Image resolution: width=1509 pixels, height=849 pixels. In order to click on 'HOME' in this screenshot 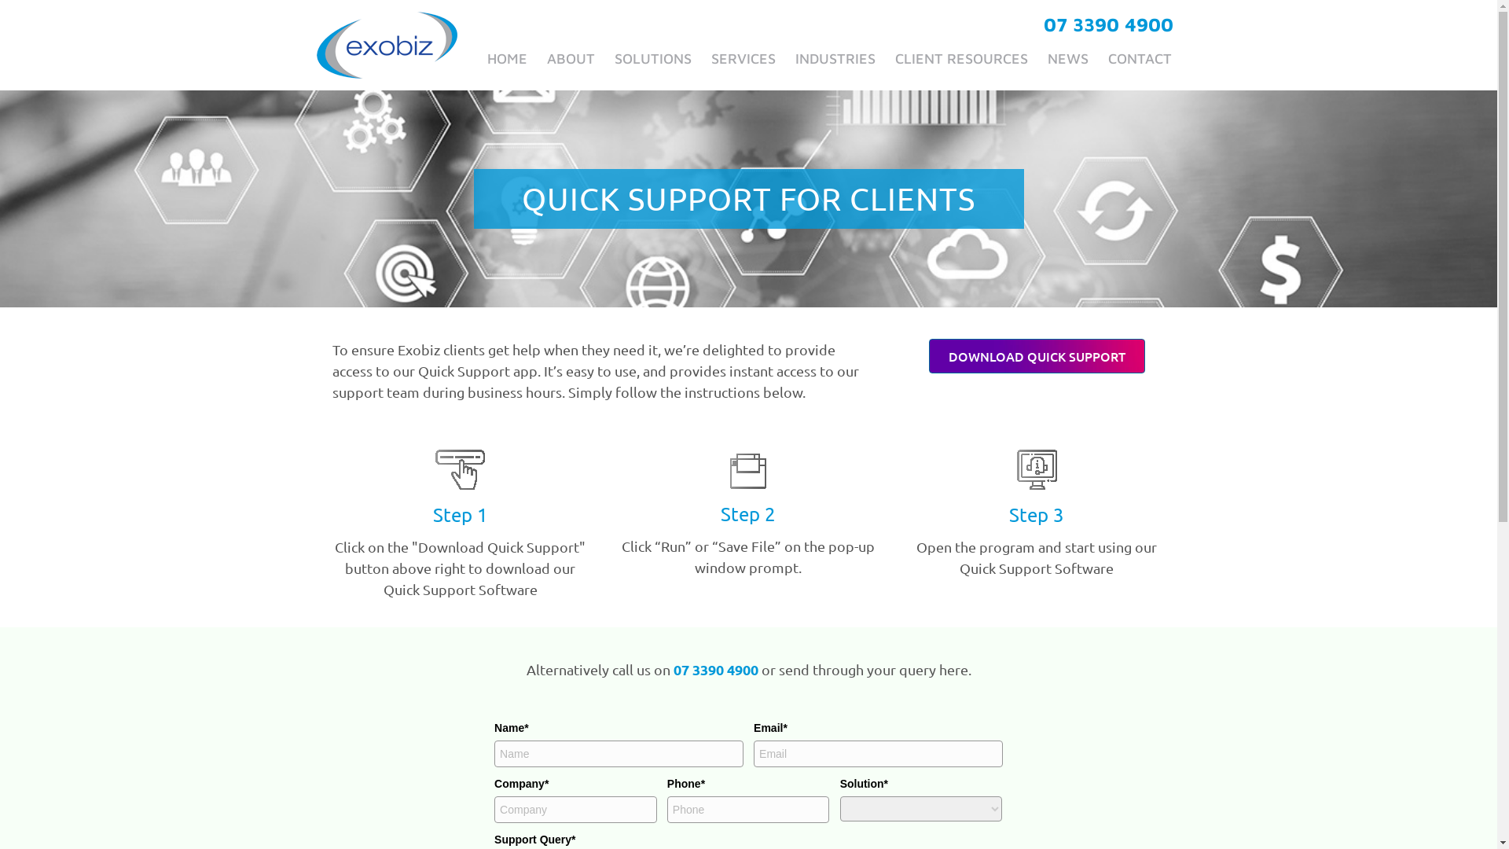, I will do `click(507, 57)`.